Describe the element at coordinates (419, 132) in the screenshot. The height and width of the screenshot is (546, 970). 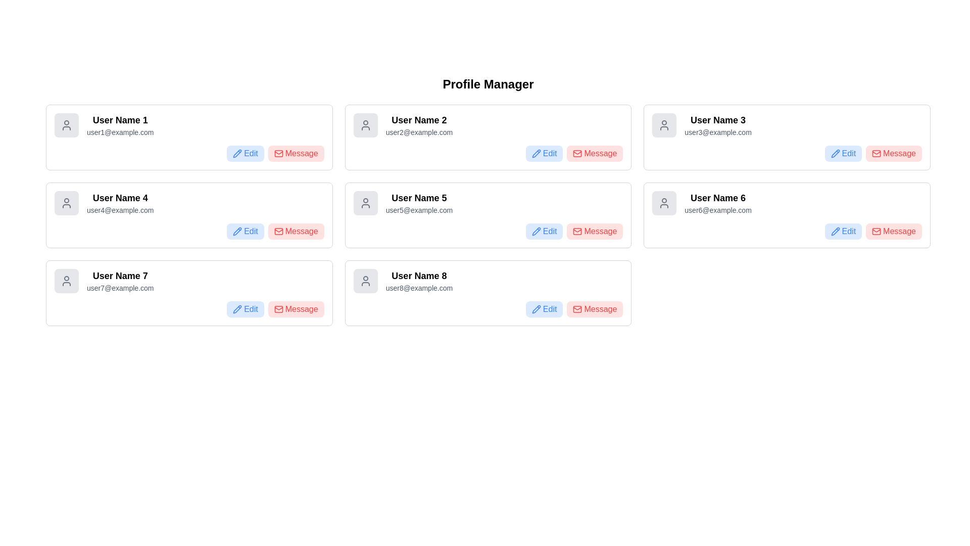
I see `the text label displaying the email address 'user2@example.com', which is styled in gray and located below the title 'User Name 2' within the card layout` at that location.